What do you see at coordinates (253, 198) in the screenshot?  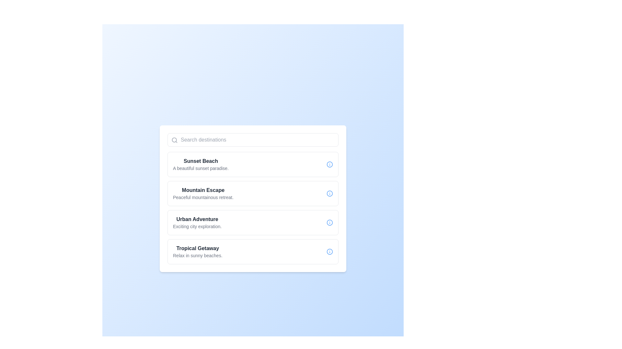 I see `the second card` at bounding box center [253, 198].